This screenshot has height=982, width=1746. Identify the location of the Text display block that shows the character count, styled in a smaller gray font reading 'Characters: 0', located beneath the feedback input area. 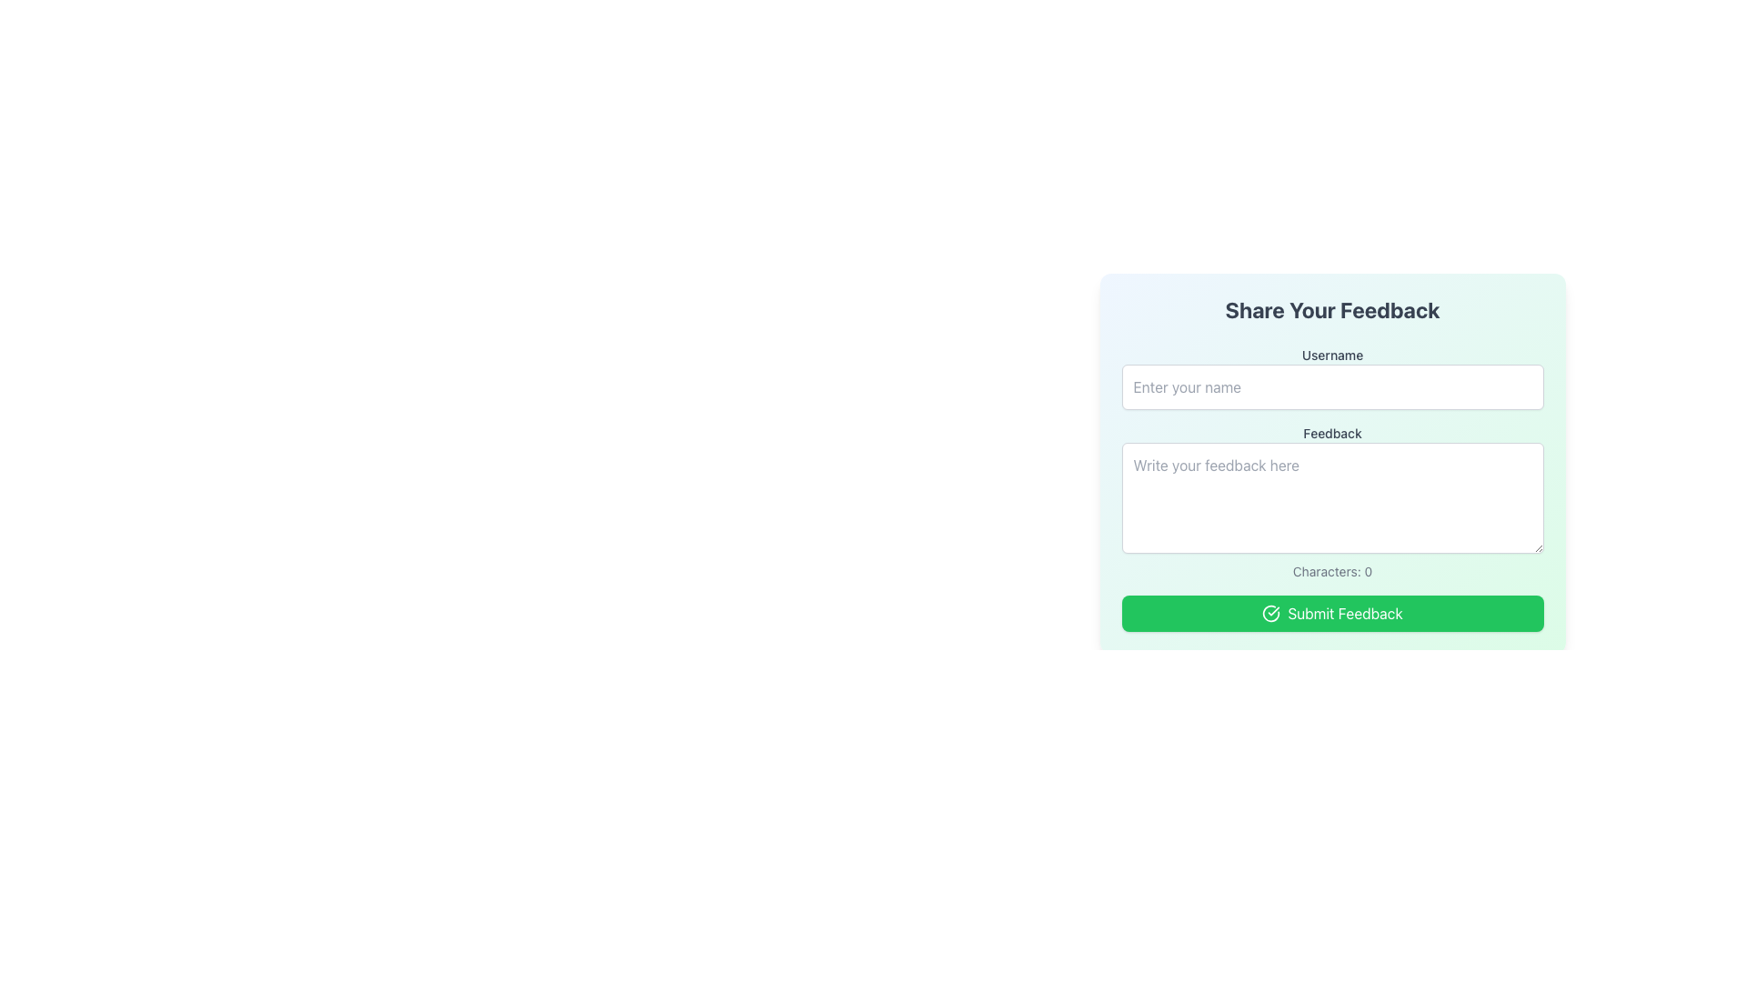
(1332, 570).